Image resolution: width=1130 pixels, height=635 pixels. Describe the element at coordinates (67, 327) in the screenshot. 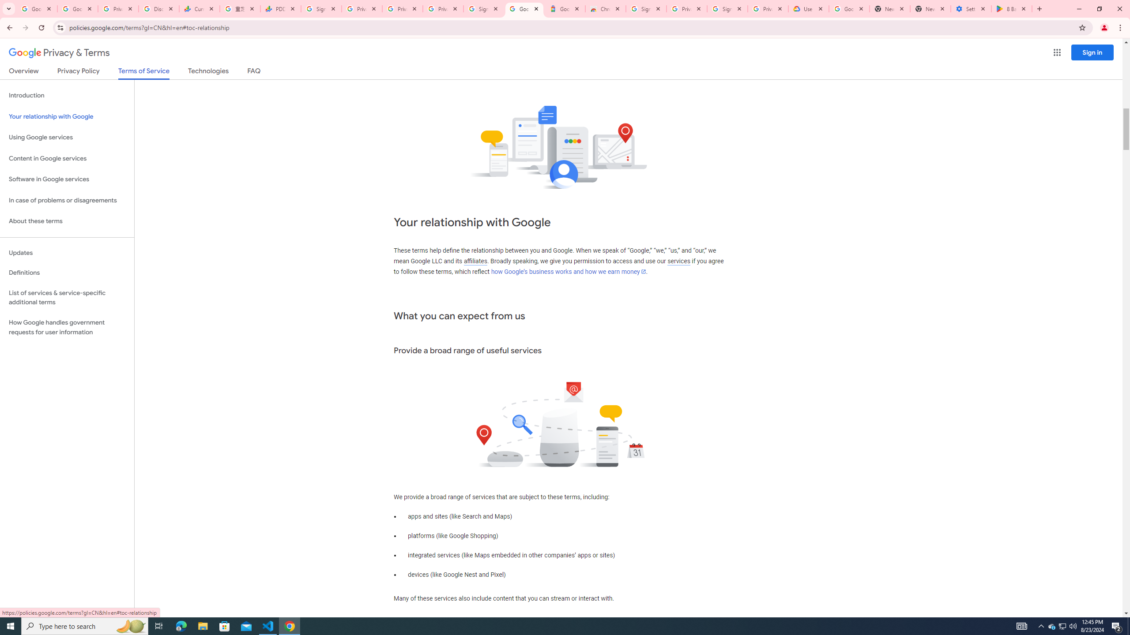

I see `'How Google handles government requests for user information'` at that location.